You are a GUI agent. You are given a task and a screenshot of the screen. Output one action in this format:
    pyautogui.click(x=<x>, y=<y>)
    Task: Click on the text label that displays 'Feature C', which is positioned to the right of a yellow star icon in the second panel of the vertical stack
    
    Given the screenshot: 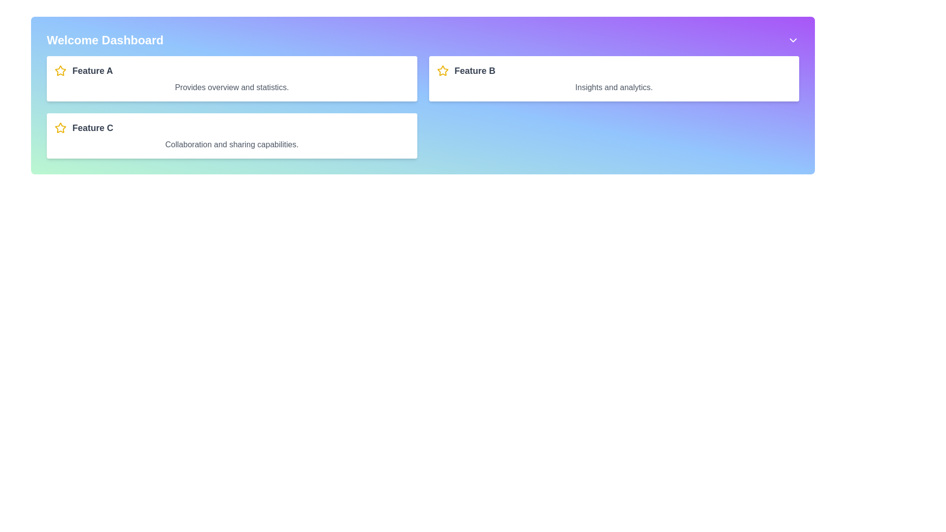 What is the action you would take?
    pyautogui.click(x=93, y=127)
    